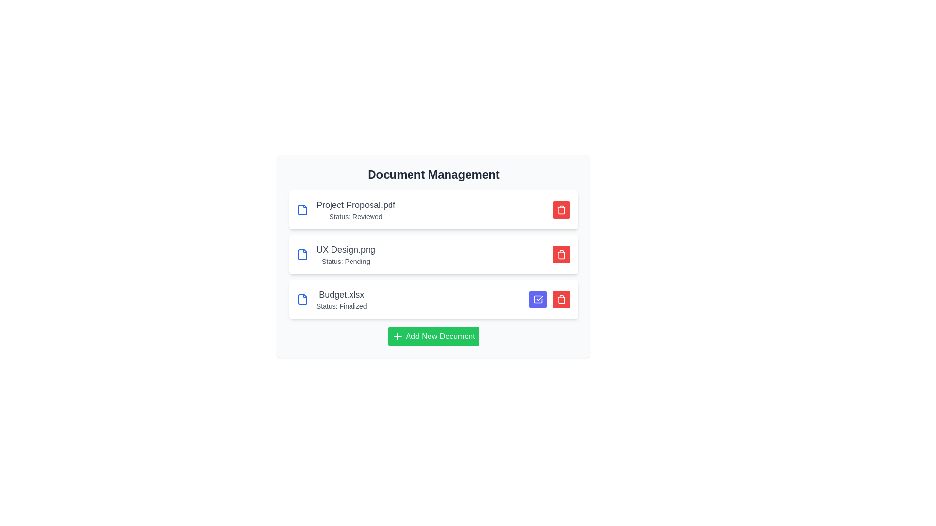  What do you see at coordinates (562, 209) in the screenshot?
I see `delete button for the document named Project Proposal.pdf` at bounding box center [562, 209].